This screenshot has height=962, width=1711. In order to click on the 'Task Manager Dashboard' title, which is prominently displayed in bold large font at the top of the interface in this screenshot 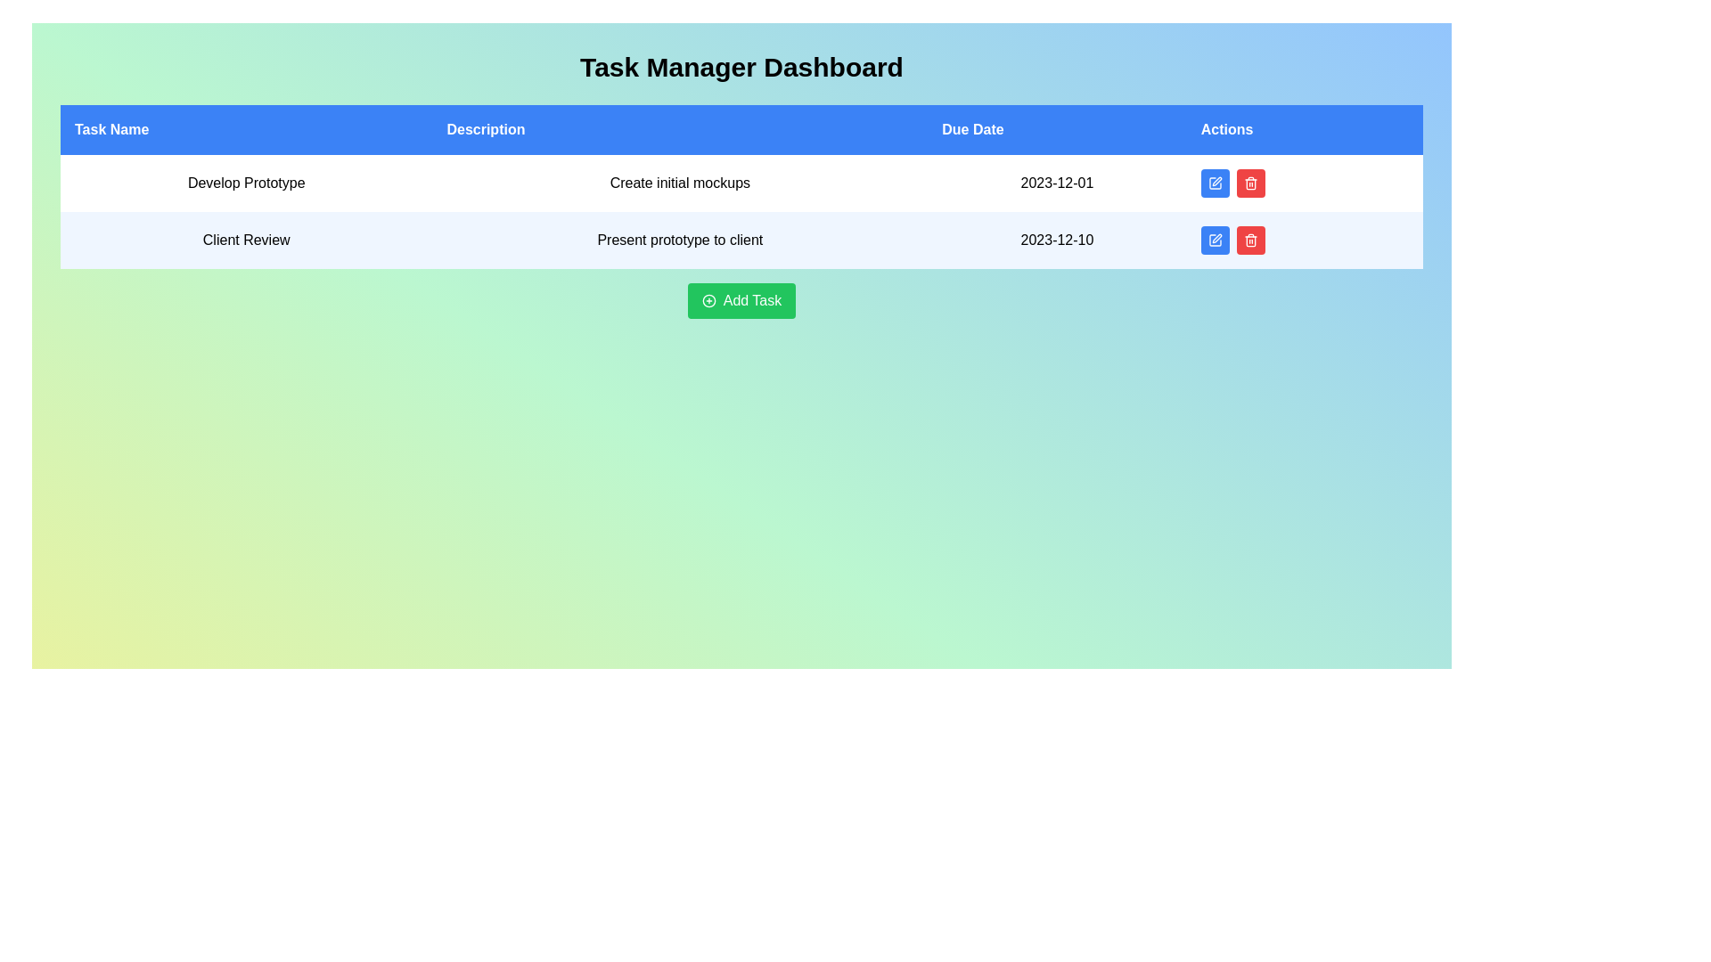, I will do `click(741, 67)`.